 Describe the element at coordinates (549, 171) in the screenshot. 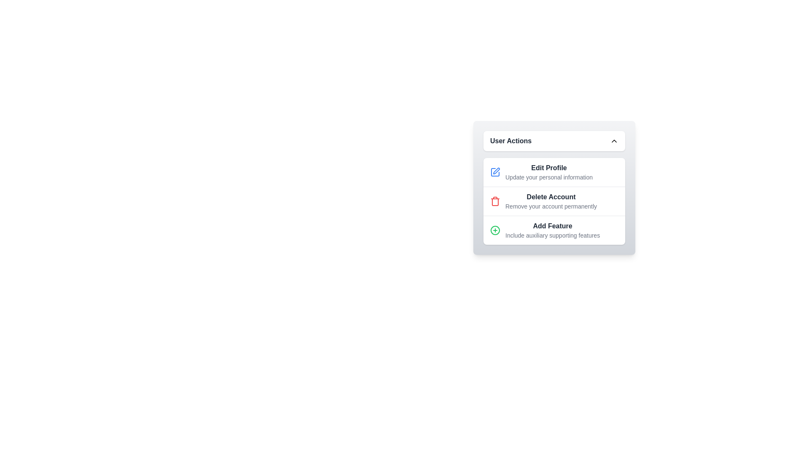

I see `the text element for editing user profile, which is the first item in the 'User Actions' list` at that location.